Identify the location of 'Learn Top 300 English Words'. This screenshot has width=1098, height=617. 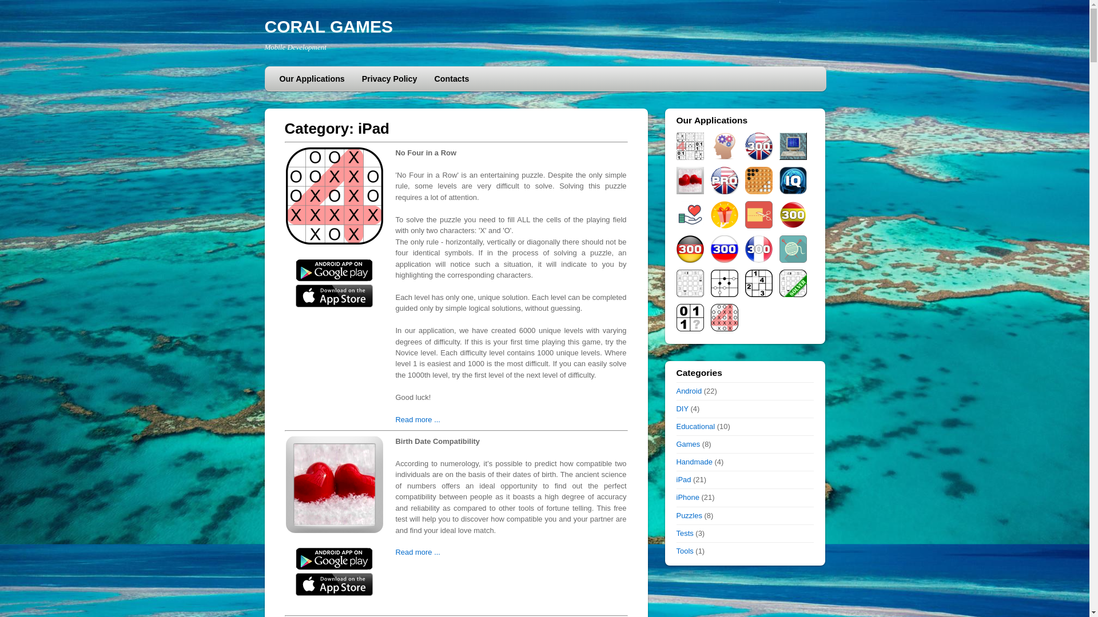
(758, 145).